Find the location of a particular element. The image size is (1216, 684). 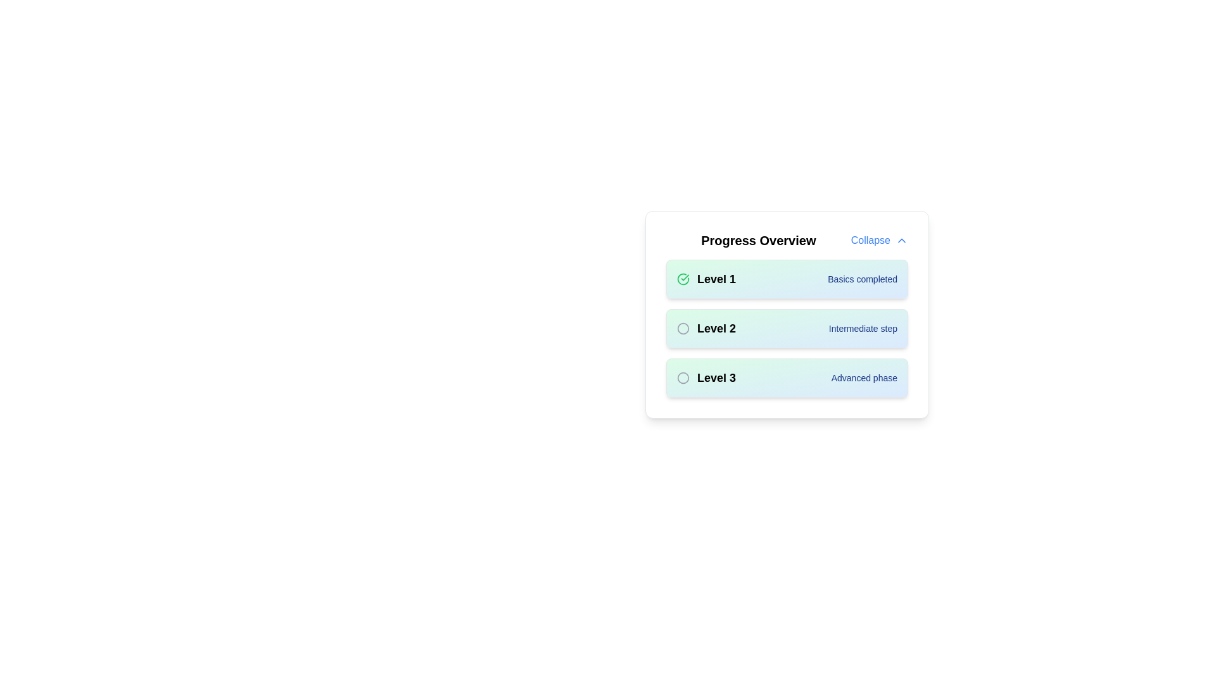

the gray circular icon with a hollow center located in the row labeled 'Level 2' and 'Intermediate step' is located at coordinates (683, 328).